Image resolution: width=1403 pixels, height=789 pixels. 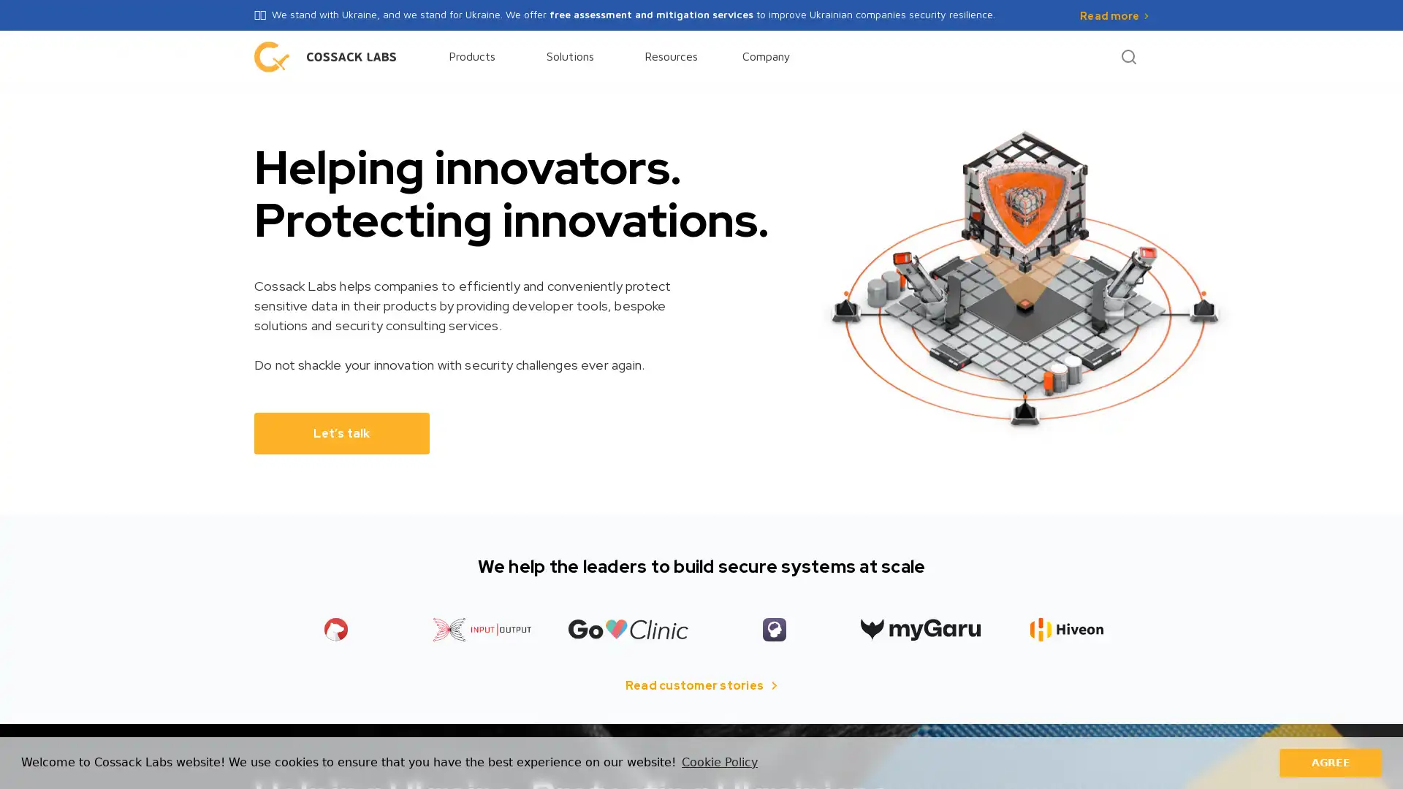 What do you see at coordinates (1330, 762) in the screenshot?
I see `dismiss cookie message` at bounding box center [1330, 762].